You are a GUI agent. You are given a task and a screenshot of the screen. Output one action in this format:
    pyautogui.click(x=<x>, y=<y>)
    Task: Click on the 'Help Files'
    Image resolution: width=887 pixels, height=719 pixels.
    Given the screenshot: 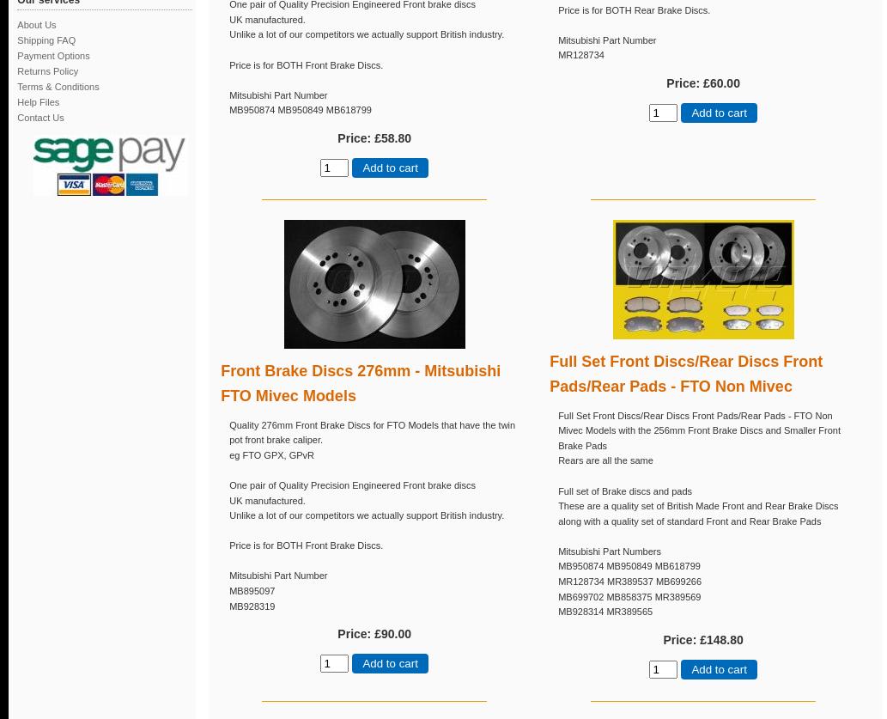 What is the action you would take?
    pyautogui.click(x=17, y=101)
    